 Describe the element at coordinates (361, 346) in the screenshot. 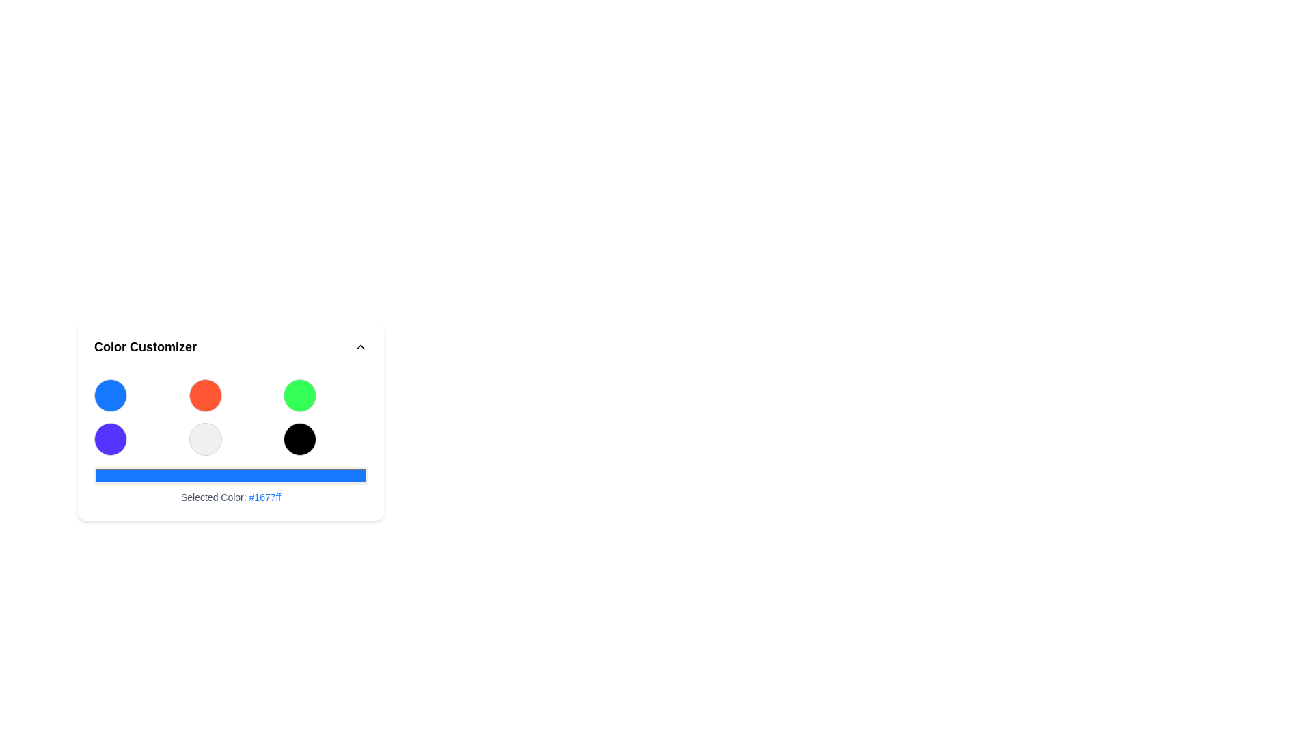

I see `the upward-pointing chevron icon located to the right of the 'Color Customizer' label` at that location.